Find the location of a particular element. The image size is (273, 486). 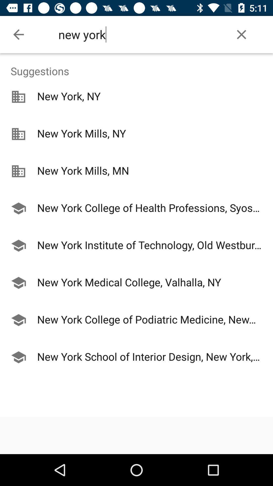

the icon above the suggestions is located at coordinates (241, 34).